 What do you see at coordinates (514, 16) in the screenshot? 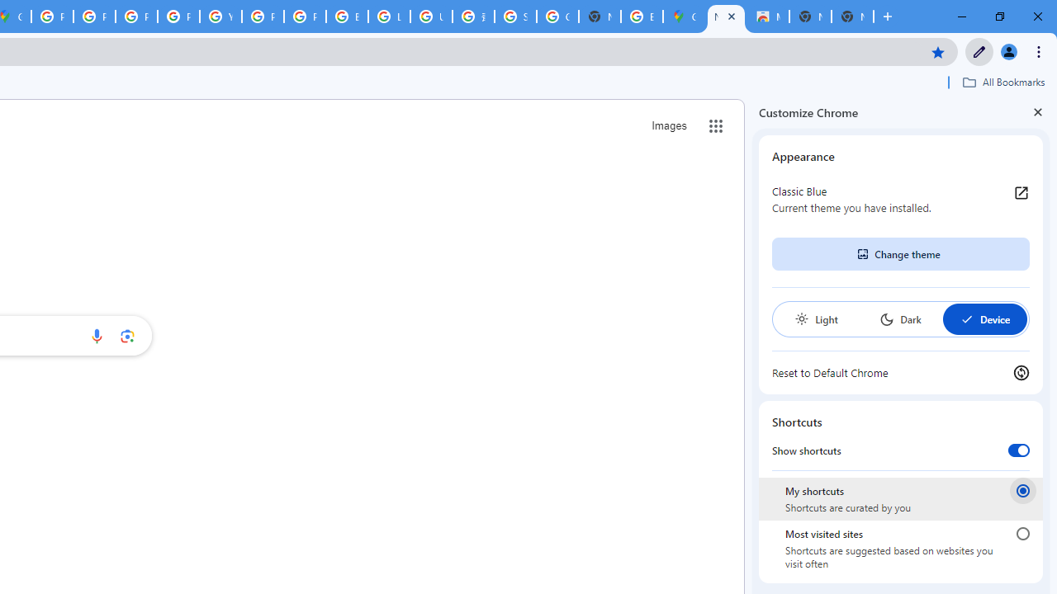
I see `'Sign in - Google Accounts'` at bounding box center [514, 16].